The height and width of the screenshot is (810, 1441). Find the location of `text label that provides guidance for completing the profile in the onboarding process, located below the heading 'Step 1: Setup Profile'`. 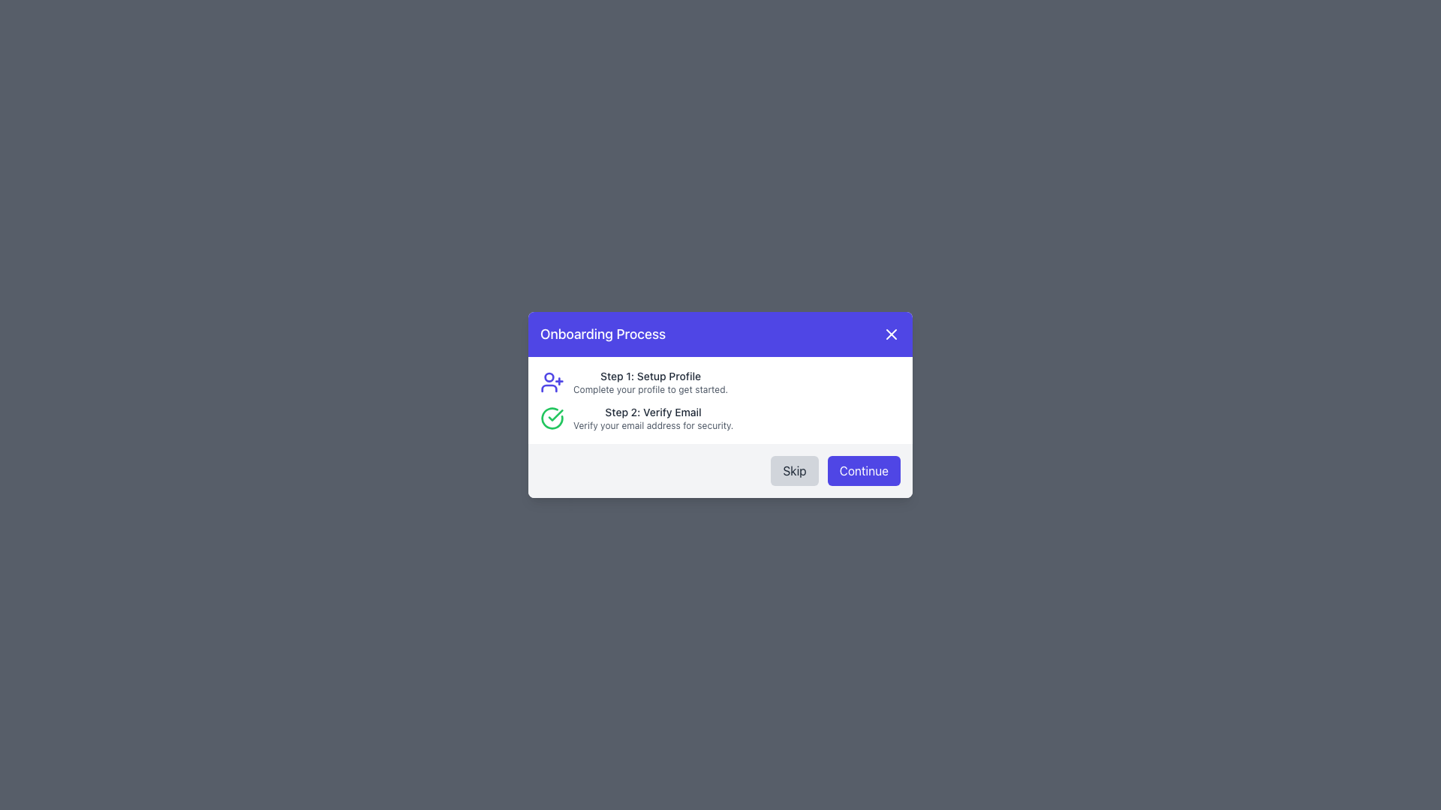

text label that provides guidance for completing the profile in the onboarding process, located below the heading 'Step 1: Setup Profile' is located at coordinates (651, 389).